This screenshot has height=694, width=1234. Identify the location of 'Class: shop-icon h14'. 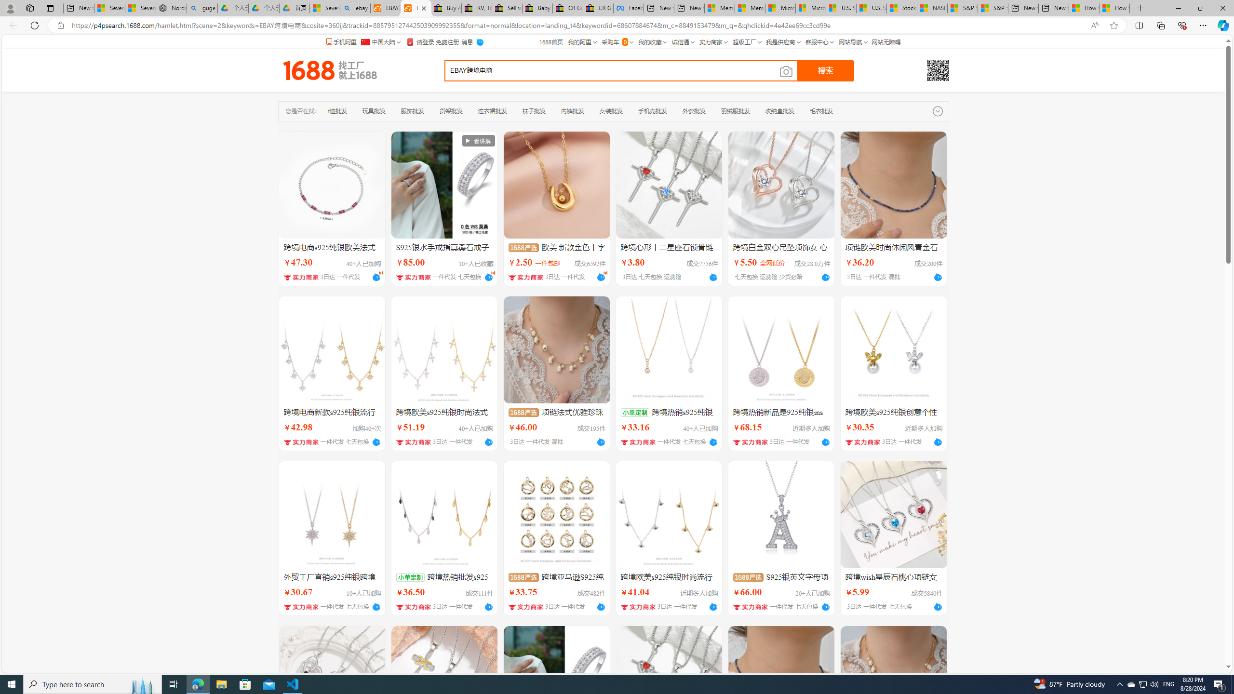
(751, 607).